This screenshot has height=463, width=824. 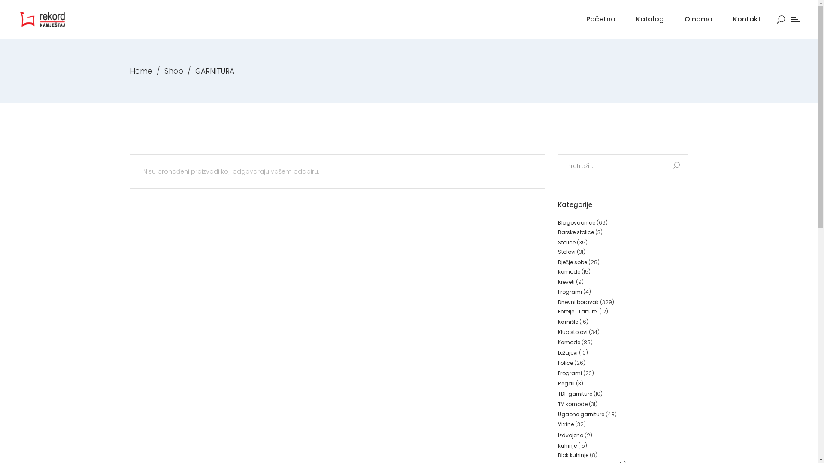 What do you see at coordinates (565, 363) in the screenshot?
I see `'Police'` at bounding box center [565, 363].